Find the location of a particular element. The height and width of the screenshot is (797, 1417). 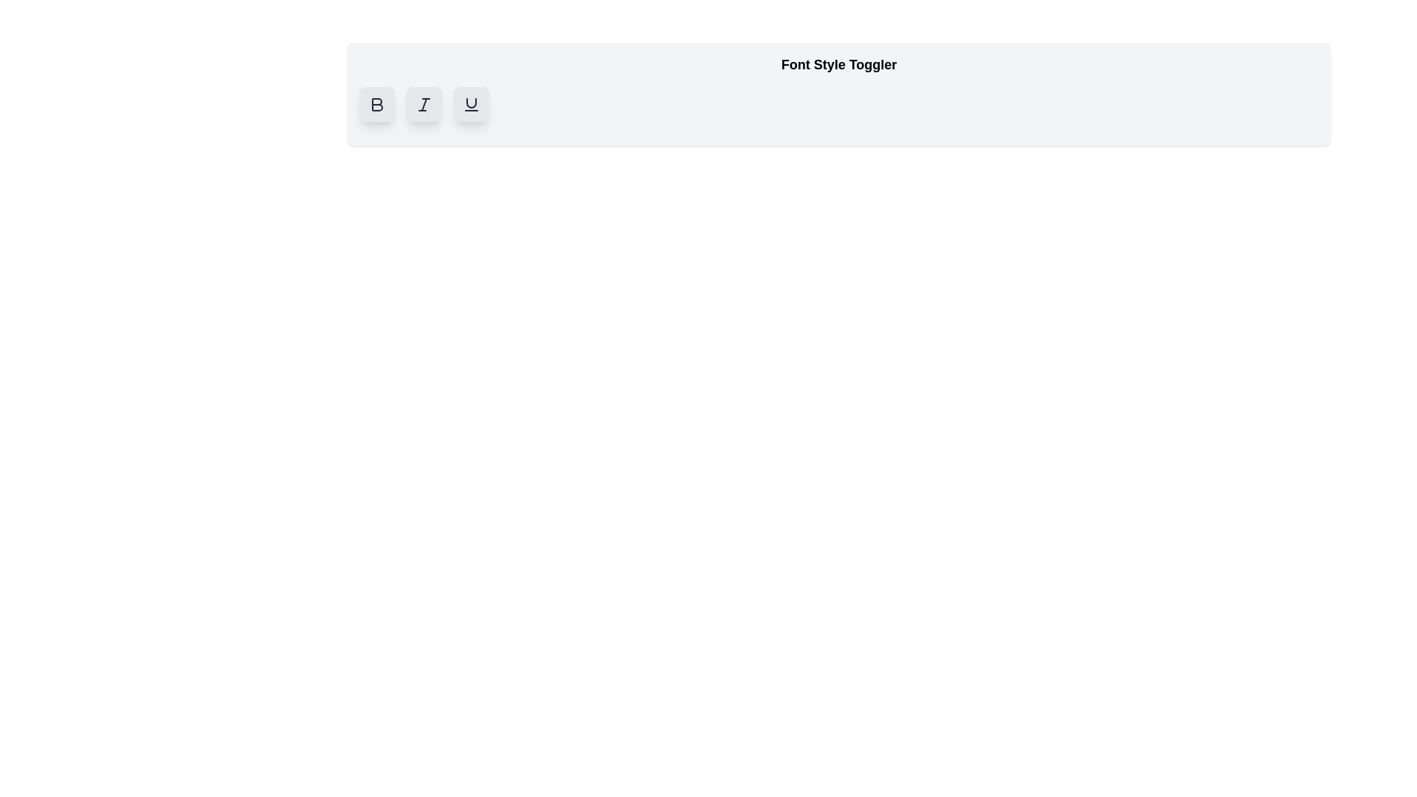

the italic button in the text formatting toolbar to apply italic formatting is located at coordinates (424, 104).